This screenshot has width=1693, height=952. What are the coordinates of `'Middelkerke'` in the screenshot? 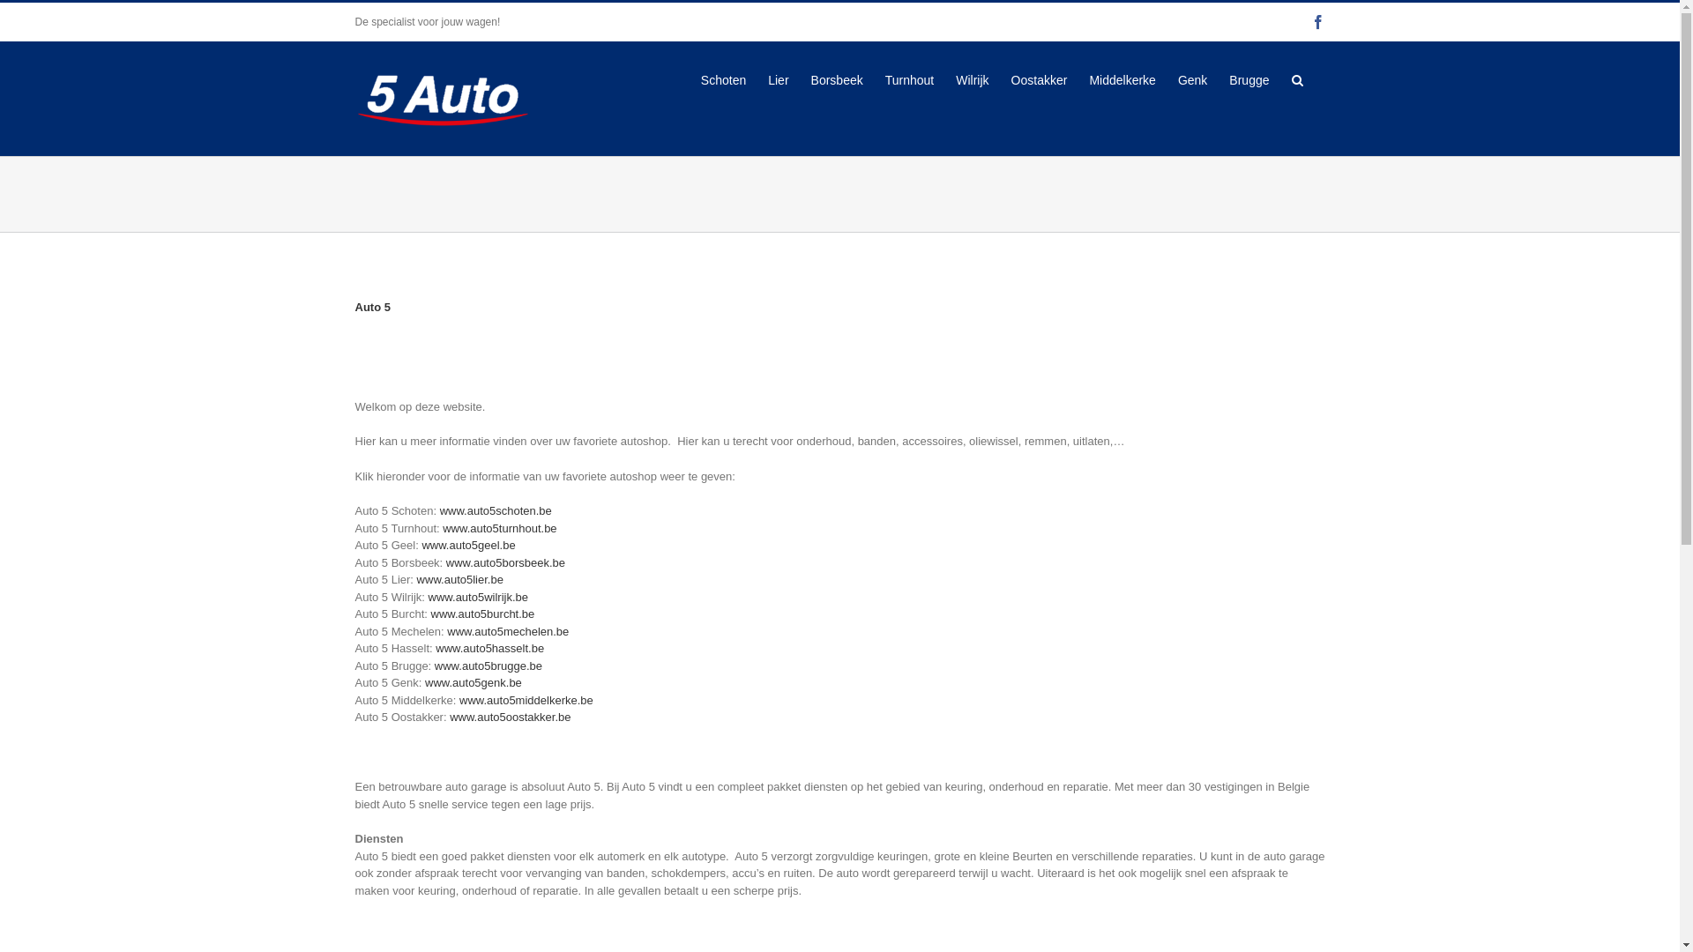 It's located at (1121, 78).